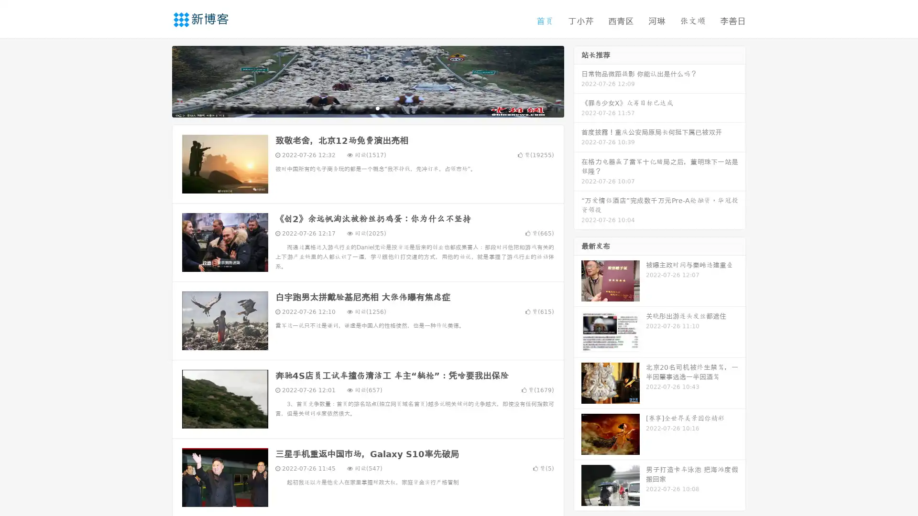  Describe the element at coordinates (158, 80) in the screenshot. I see `Previous slide` at that location.